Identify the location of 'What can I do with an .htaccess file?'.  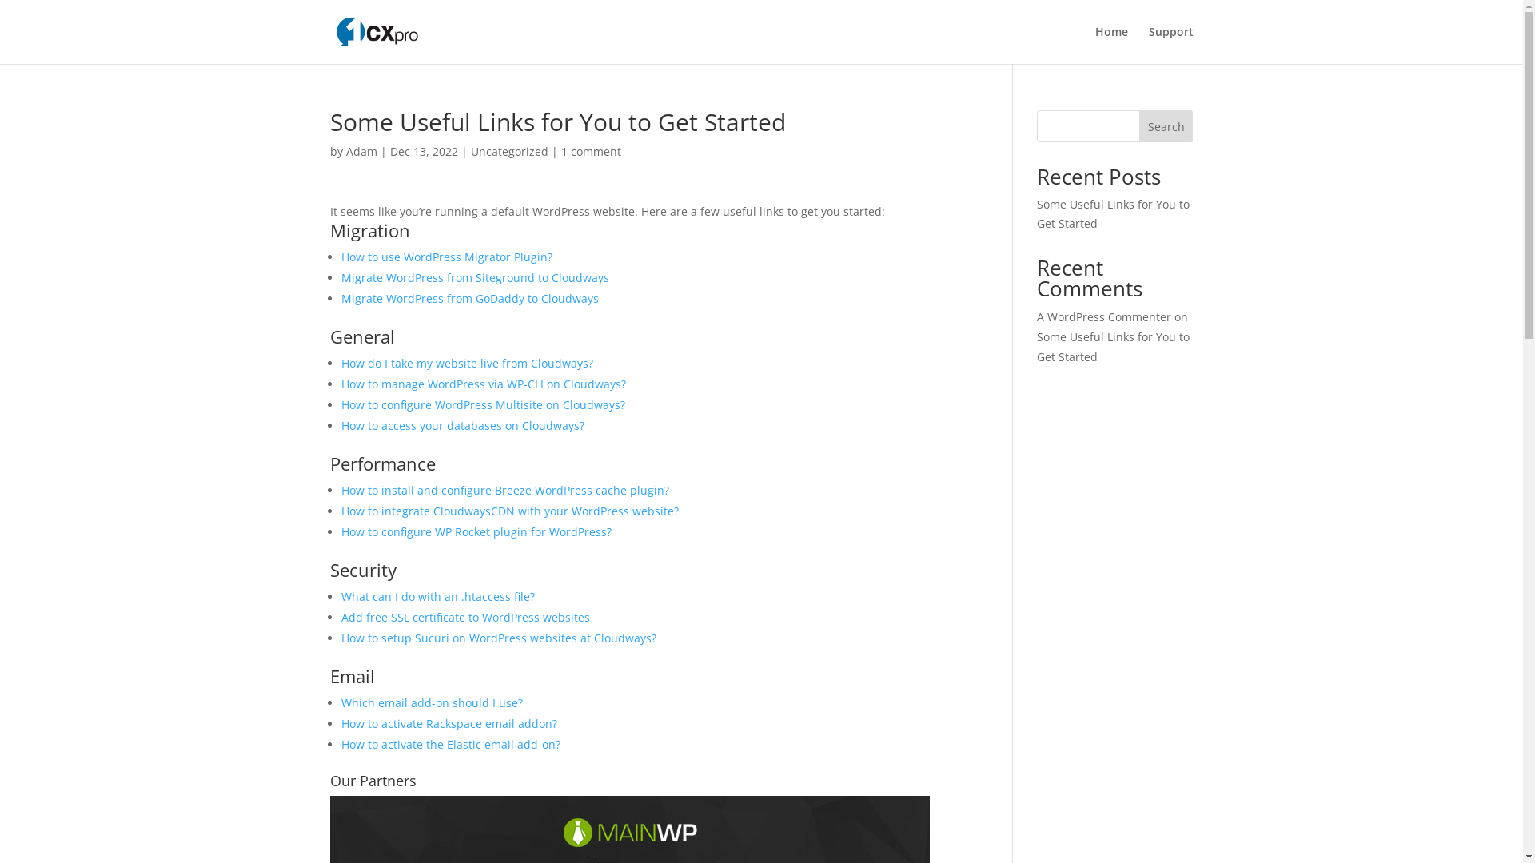
(437, 596).